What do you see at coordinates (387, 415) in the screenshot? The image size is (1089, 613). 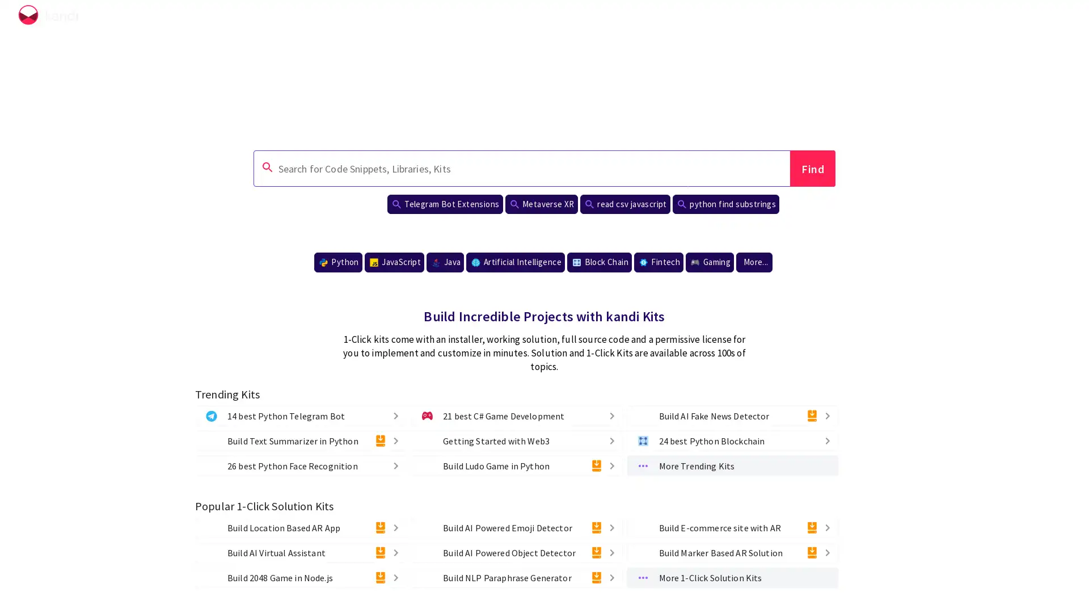 I see `delete` at bounding box center [387, 415].